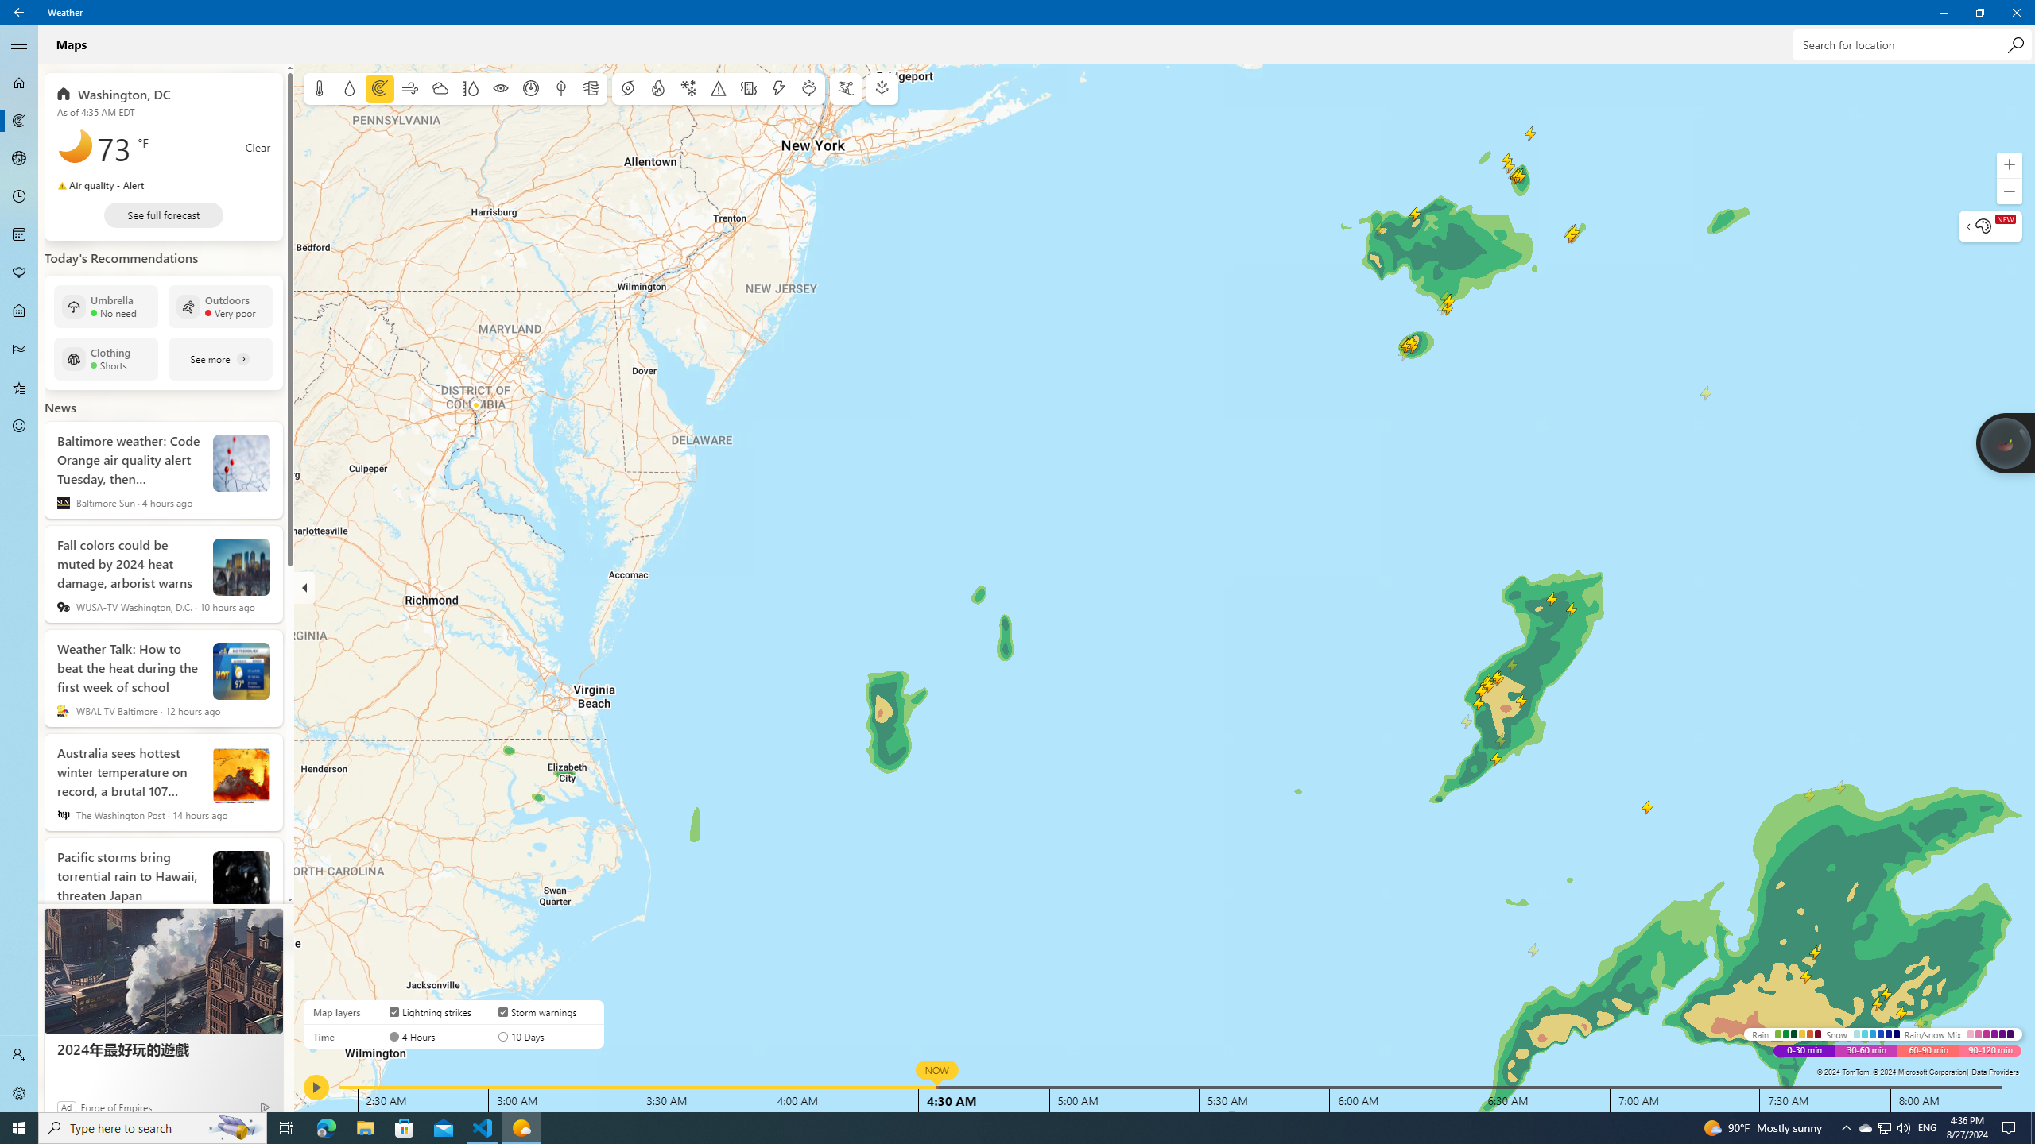  Describe the element at coordinates (19, 158) in the screenshot. I see `'3D Maps - Not Selected'` at that location.